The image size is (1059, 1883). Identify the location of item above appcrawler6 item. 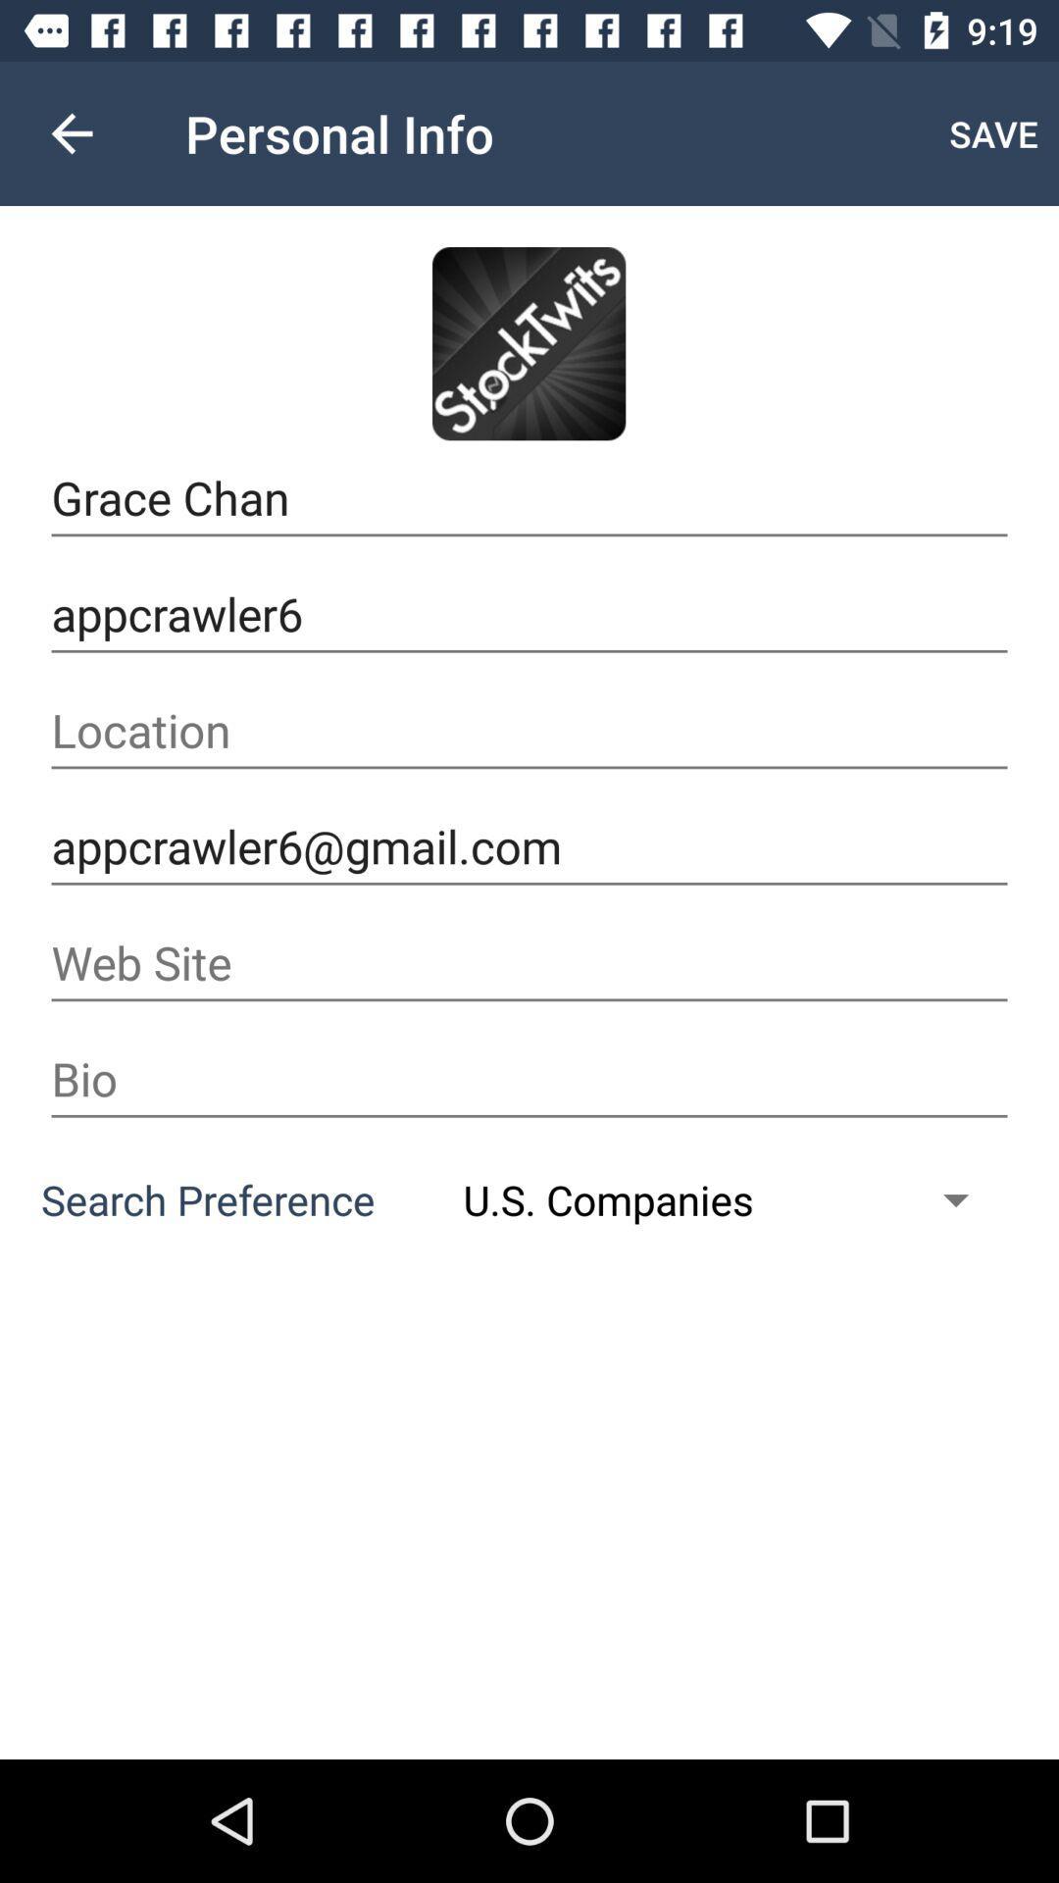
(529, 498).